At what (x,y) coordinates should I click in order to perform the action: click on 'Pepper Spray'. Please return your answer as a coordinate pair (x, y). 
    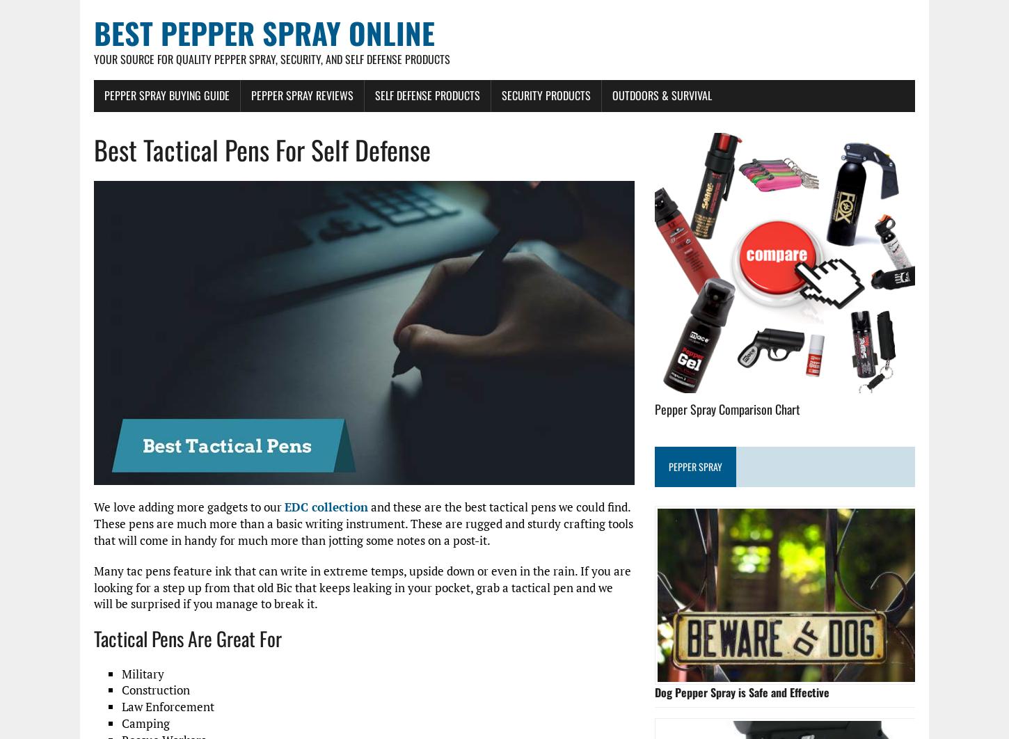
    Looking at the image, I should click on (695, 466).